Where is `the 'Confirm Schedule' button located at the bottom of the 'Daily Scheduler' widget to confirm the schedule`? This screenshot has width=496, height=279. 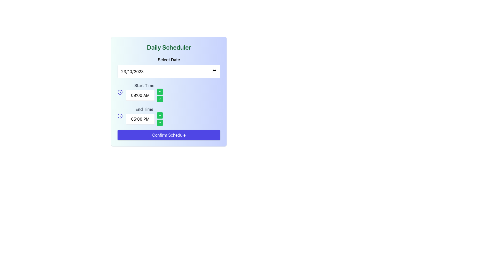
the 'Confirm Schedule' button located at the bottom of the 'Daily Scheduler' widget to confirm the schedule is located at coordinates (169, 135).